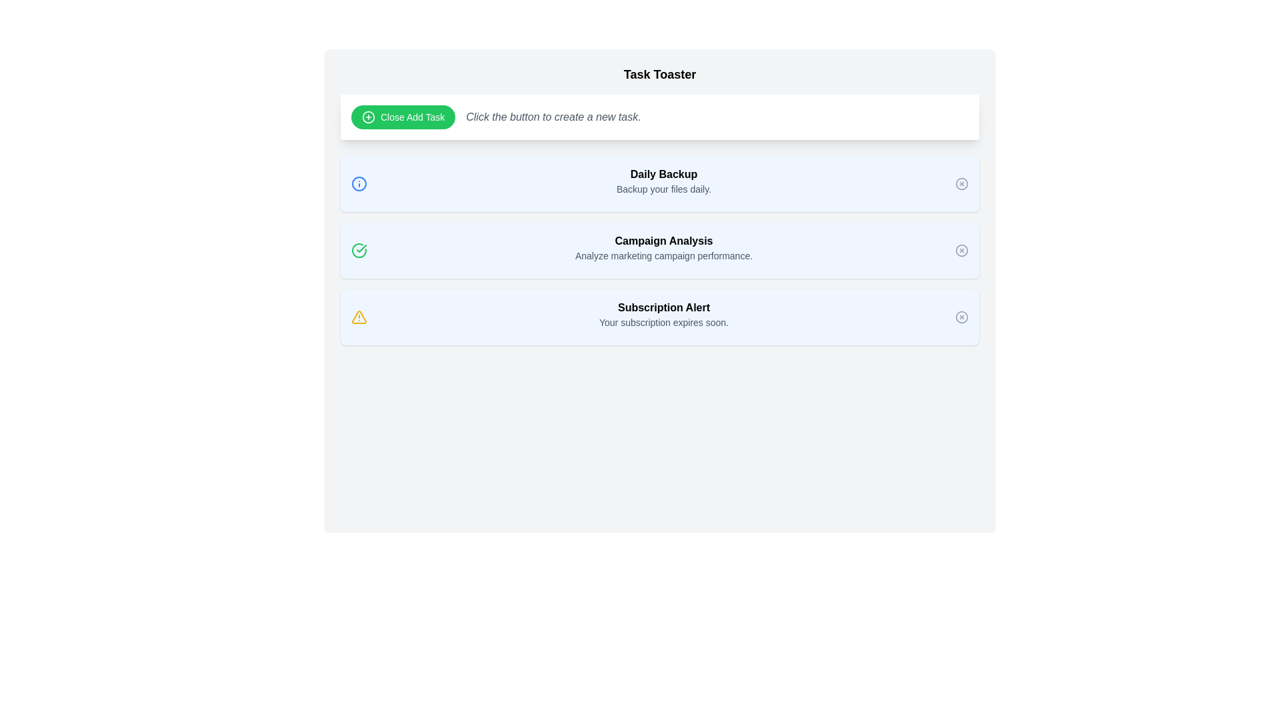 This screenshot has height=720, width=1280. What do you see at coordinates (664, 308) in the screenshot?
I see `the 'Subscription Alert' static text element, which is prominently displayed in bold black font on a white background, located below the 'Campaign Analysis' section` at bounding box center [664, 308].